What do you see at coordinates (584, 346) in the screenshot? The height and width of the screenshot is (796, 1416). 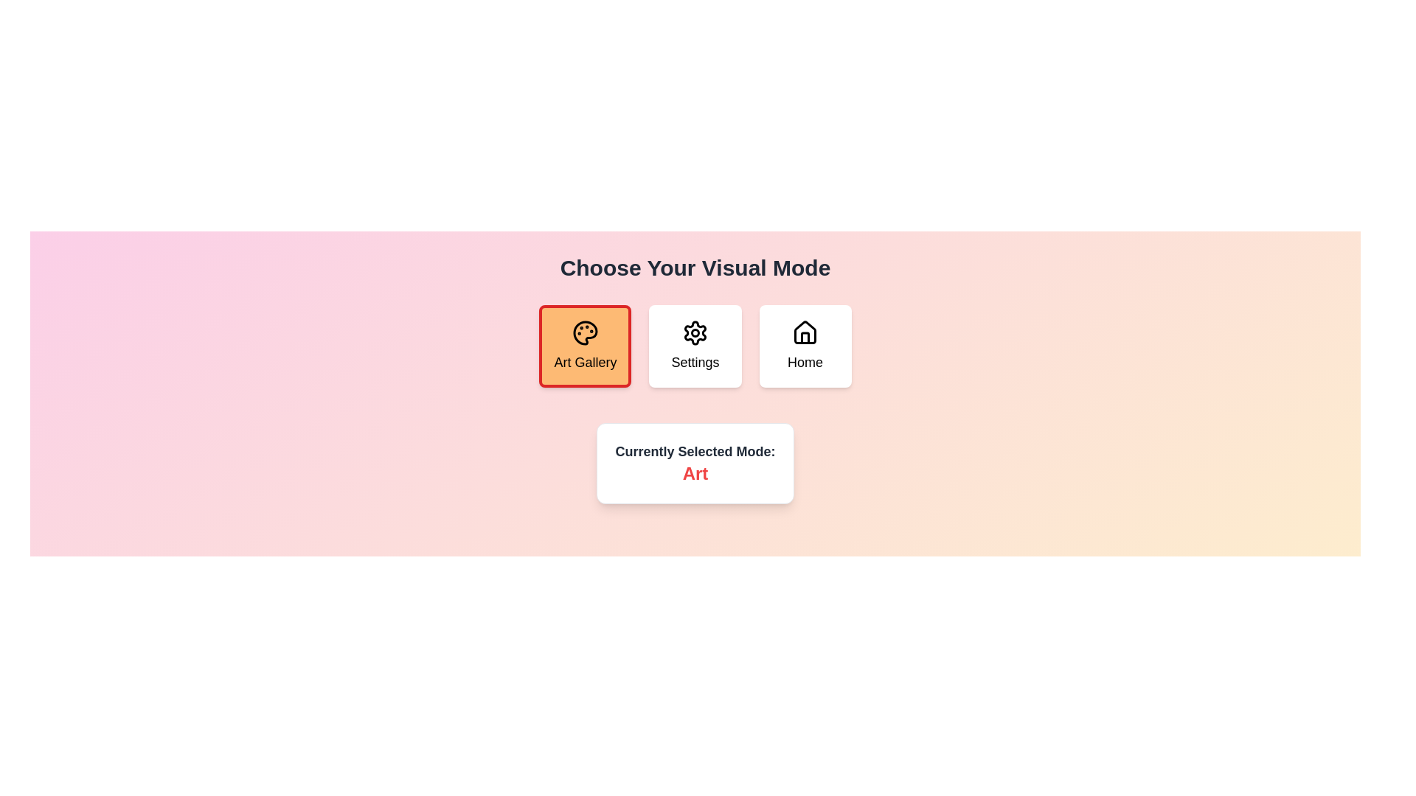 I see `the mode labeled Art Gallery to inspect its icon and label` at bounding box center [584, 346].